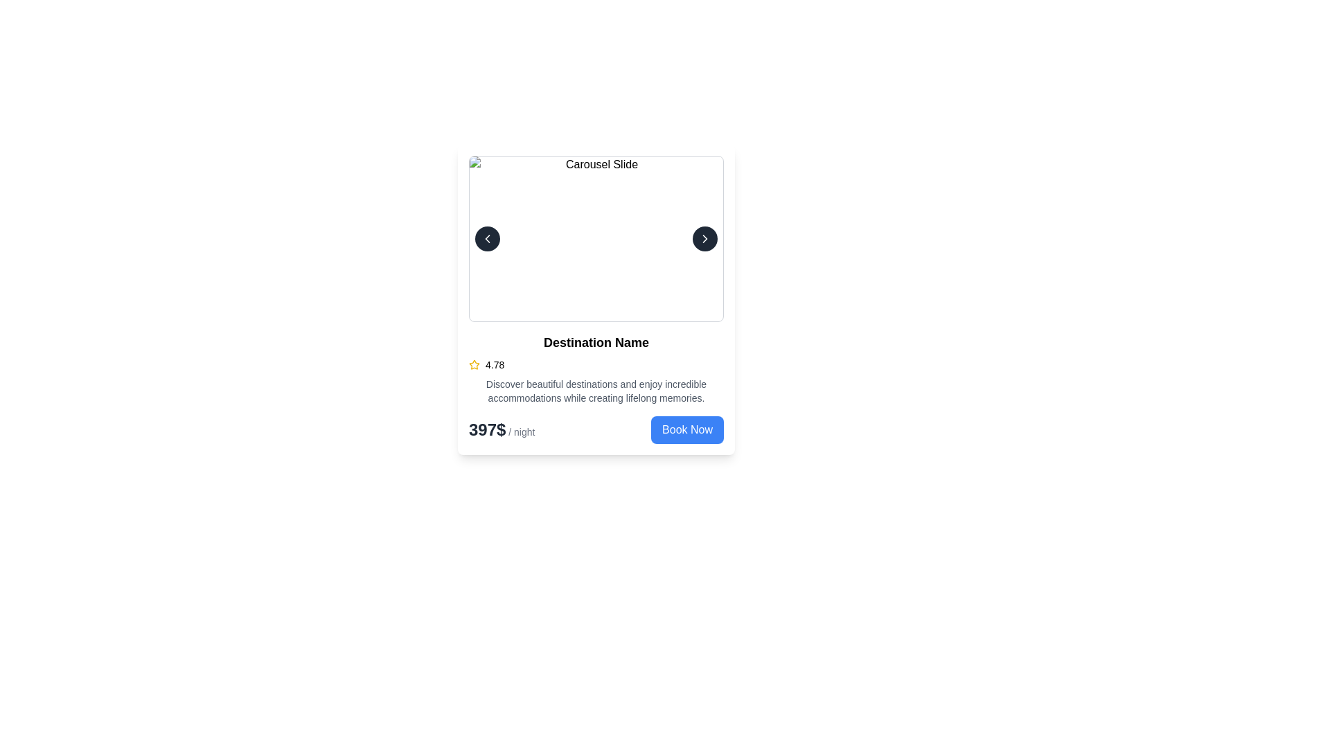 Image resolution: width=1330 pixels, height=748 pixels. What do you see at coordinates (520, 431) in the screenshot?
I see `the text label displaying '/ night', which is a light gray color and located to the right of the price '397$'` at bounding box center [520, 431].